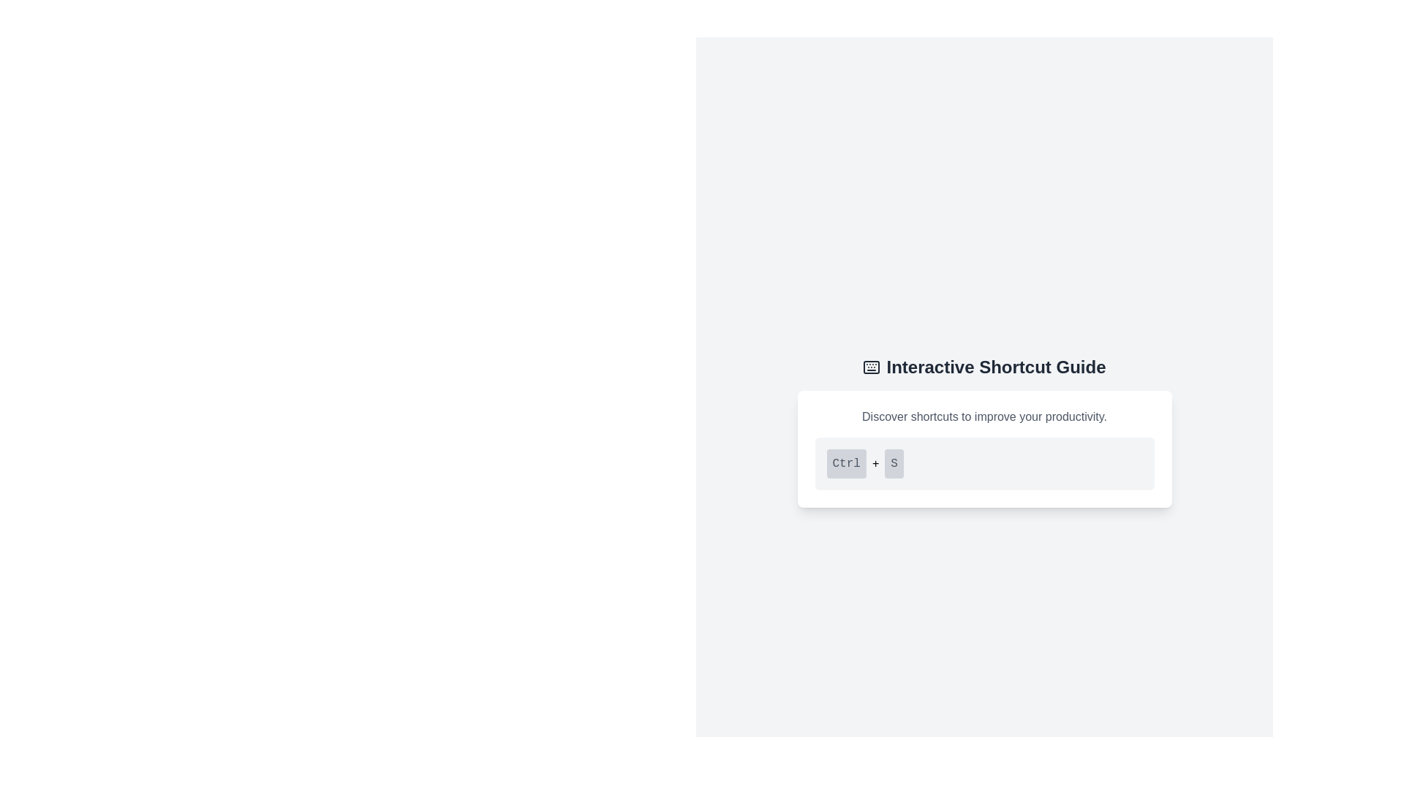 This screenshot has height=789, width=1404. Describe the element at coordinates (984, 416) in the screenshot. I see `the text element displaying 'Discover shortcuts to improve your productivity.' which is centered on a white background within a rounded rectangular card` at that location.